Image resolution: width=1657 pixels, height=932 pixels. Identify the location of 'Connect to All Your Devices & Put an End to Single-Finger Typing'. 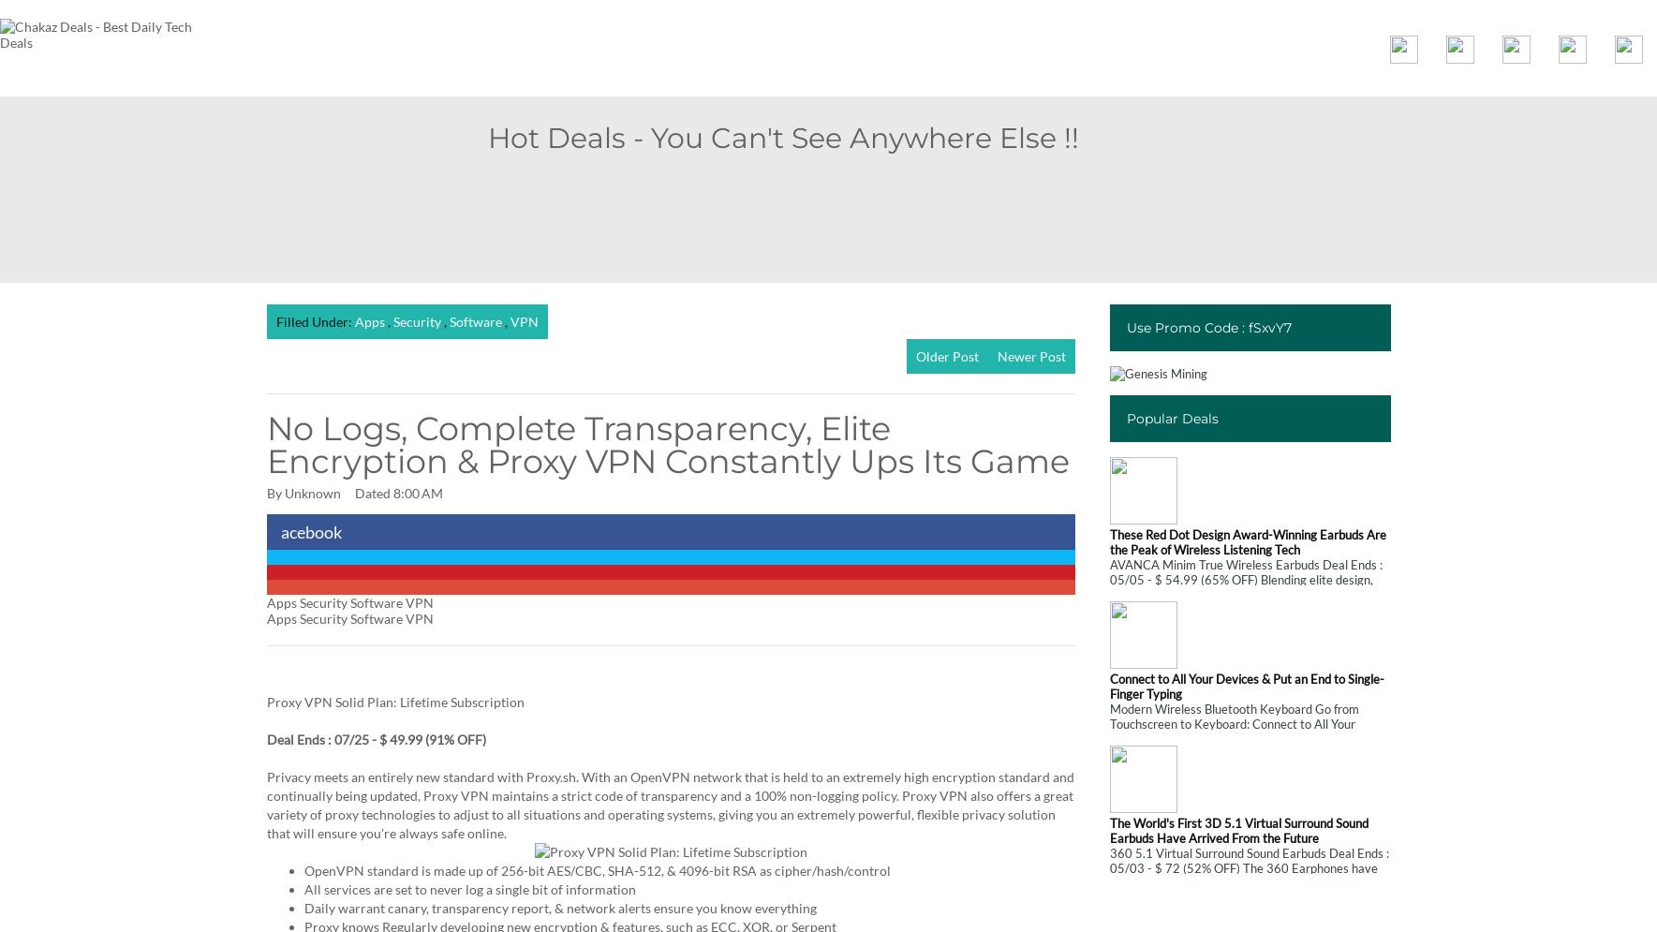
(1107, 686).